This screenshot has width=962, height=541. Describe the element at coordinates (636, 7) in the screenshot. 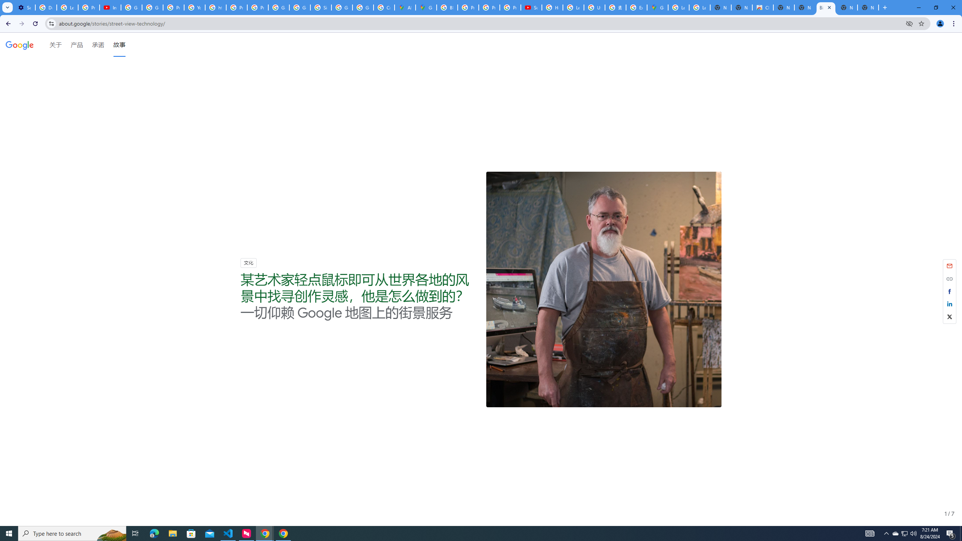

I see `'Explore new street-level details - Google Maps Help'` at that location.